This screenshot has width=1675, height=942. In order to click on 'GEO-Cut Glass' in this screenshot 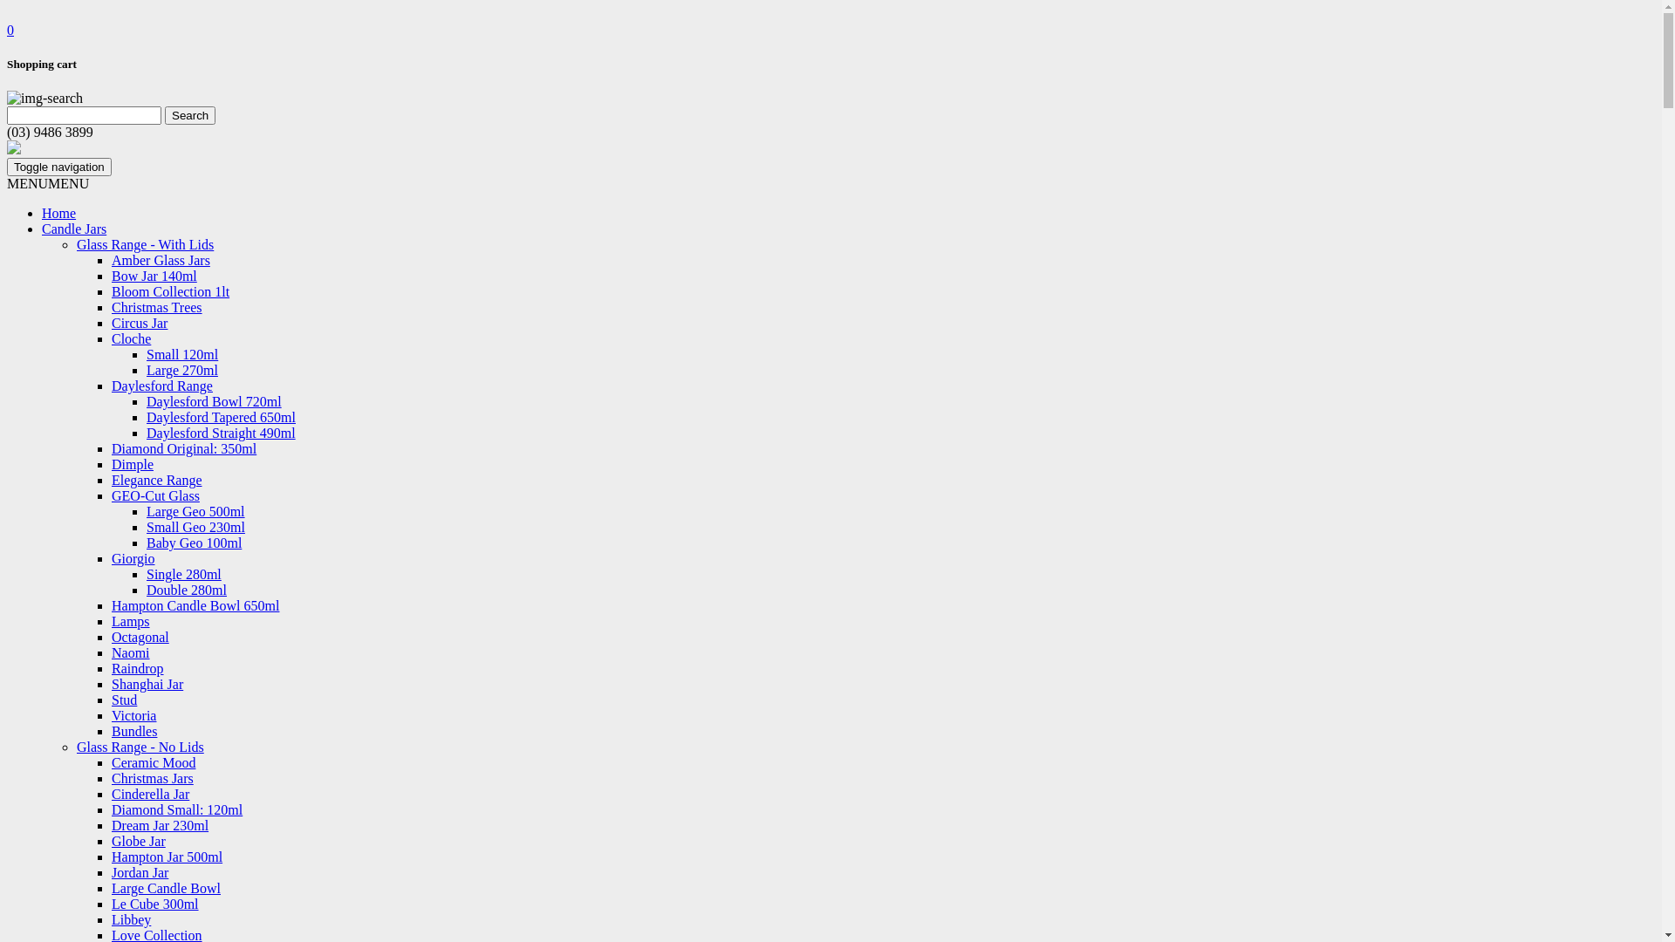, I will do `click(111, 495)`.